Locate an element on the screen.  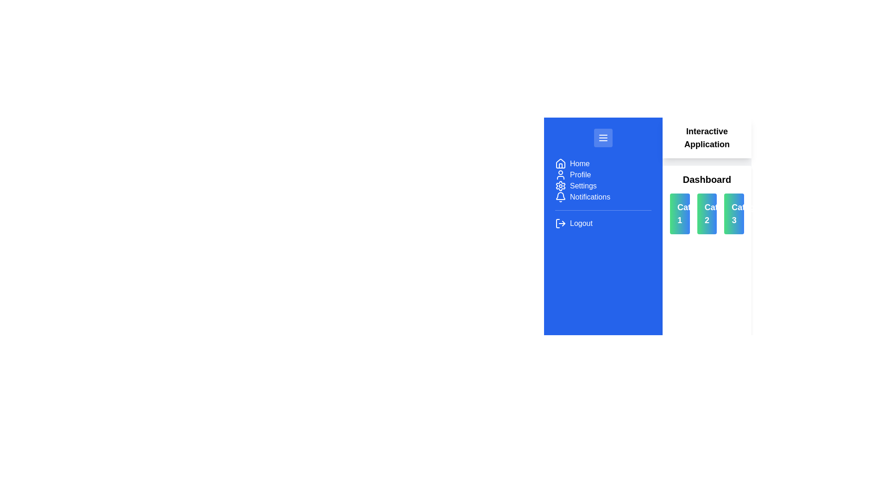
the menu button located at the top of the blue sidebar is located at coordinates (603, 137).